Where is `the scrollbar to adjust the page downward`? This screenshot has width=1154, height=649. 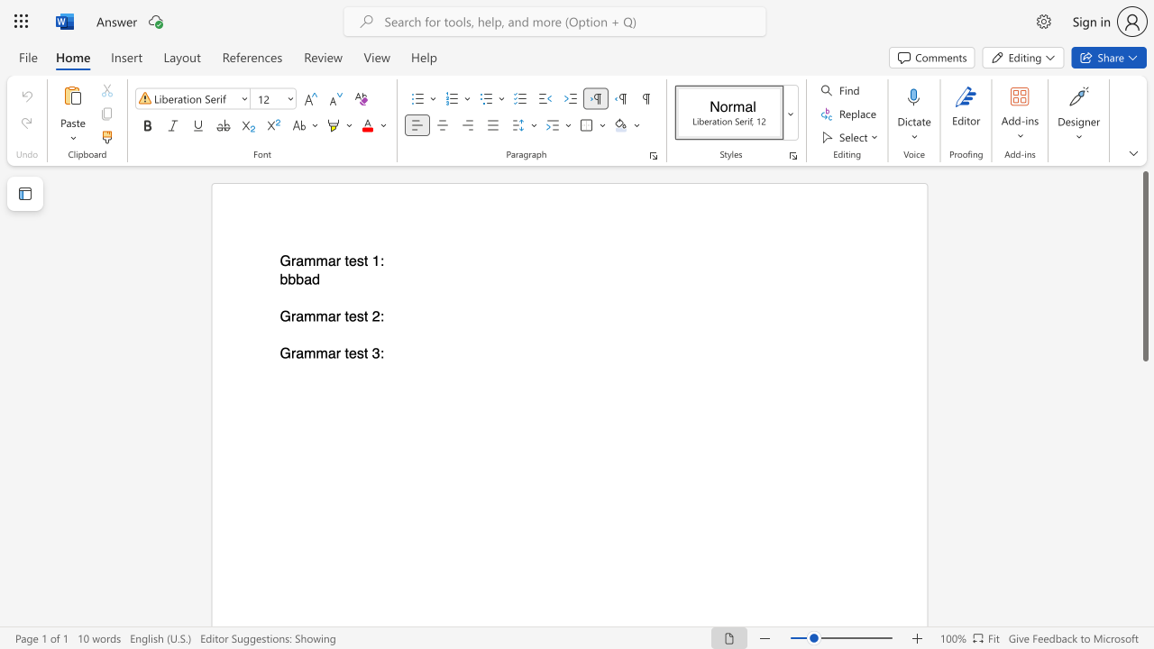
the scrollbar to adjust the page downward is located at coordinates (1144, 415).